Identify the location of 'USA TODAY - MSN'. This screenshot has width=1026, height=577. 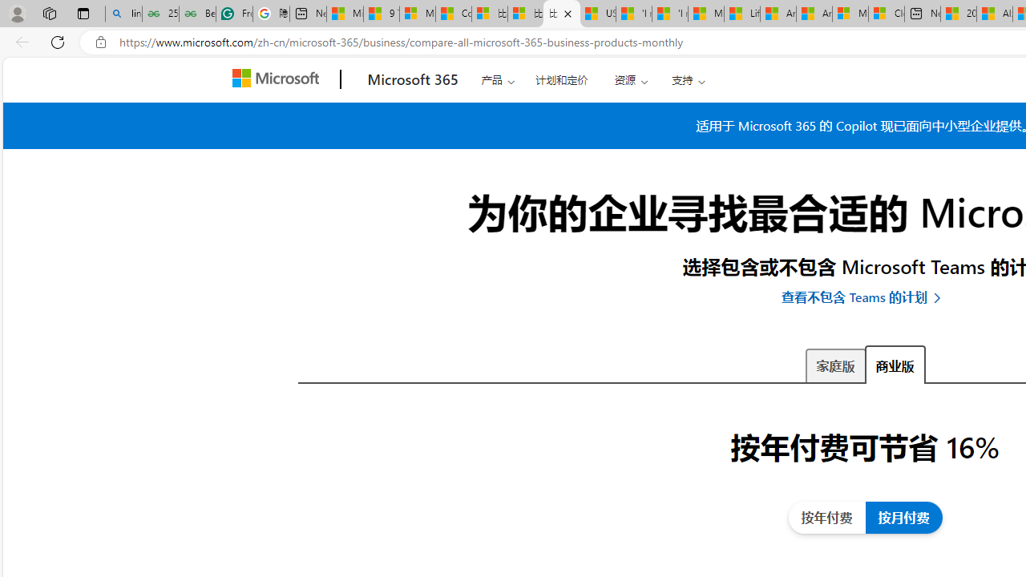
(597, 14).